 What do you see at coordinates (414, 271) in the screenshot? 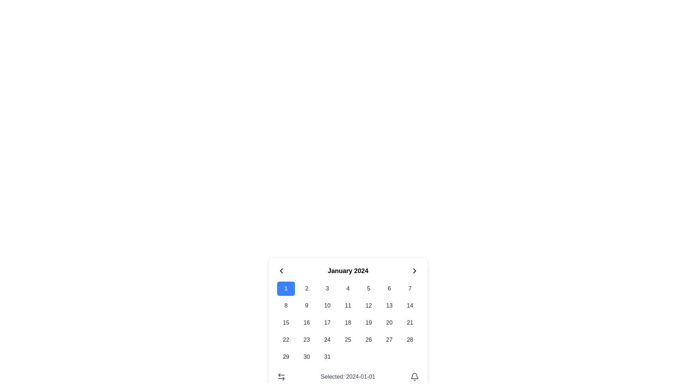
I see `the right-oriented arrow icon located at the top-right corner of the calendar interface` at bounding box center [414, 271].